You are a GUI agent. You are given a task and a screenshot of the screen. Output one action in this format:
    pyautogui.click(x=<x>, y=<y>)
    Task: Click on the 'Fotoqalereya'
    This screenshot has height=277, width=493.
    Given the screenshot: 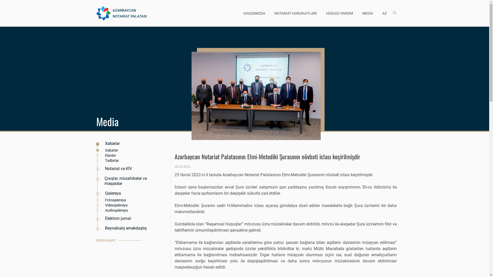 What is the action you would take?
    pyautogui.click(x=96, y=200)
    